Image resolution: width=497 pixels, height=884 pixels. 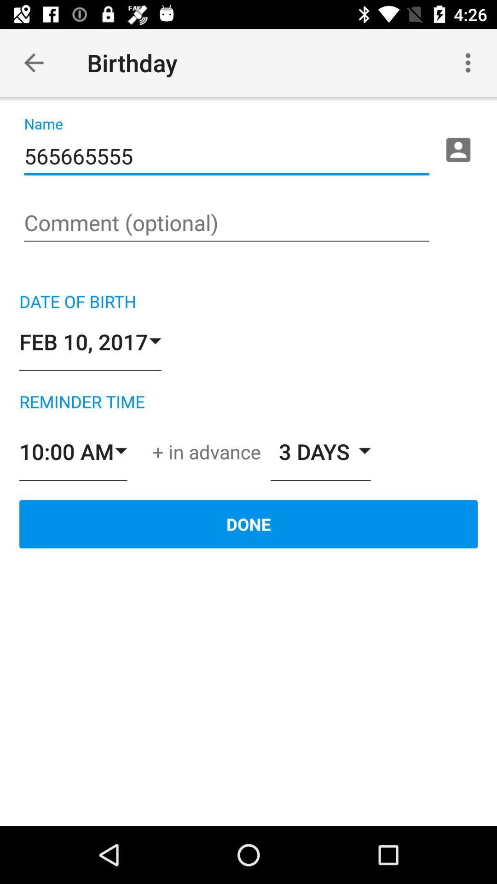 What do you see at coordinates (226, 224) in the screenshot?
I see `insert a optional comment` at bounding box center [226, 224].